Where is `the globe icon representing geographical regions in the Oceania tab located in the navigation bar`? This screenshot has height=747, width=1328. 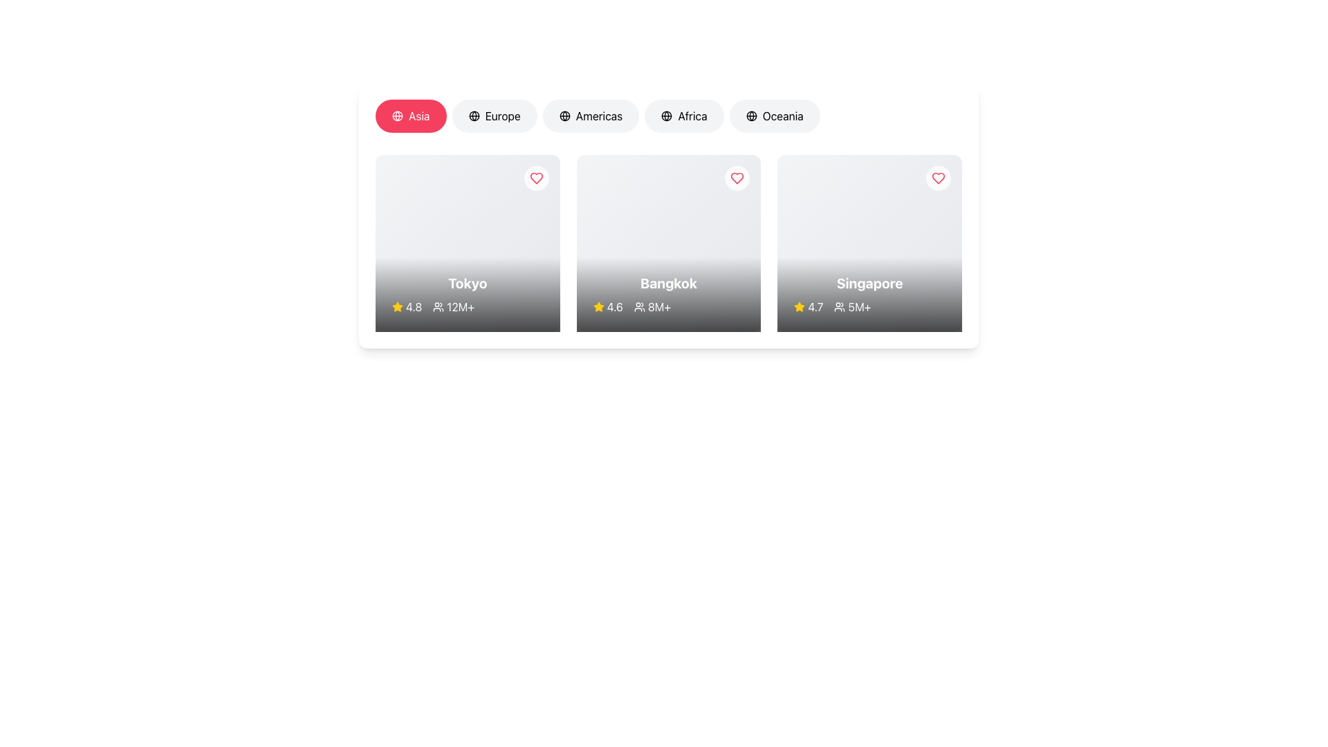
the globe icon representing geographical regions in the Oceania tab located in the navigation bar is located at coordinates (750, 116).